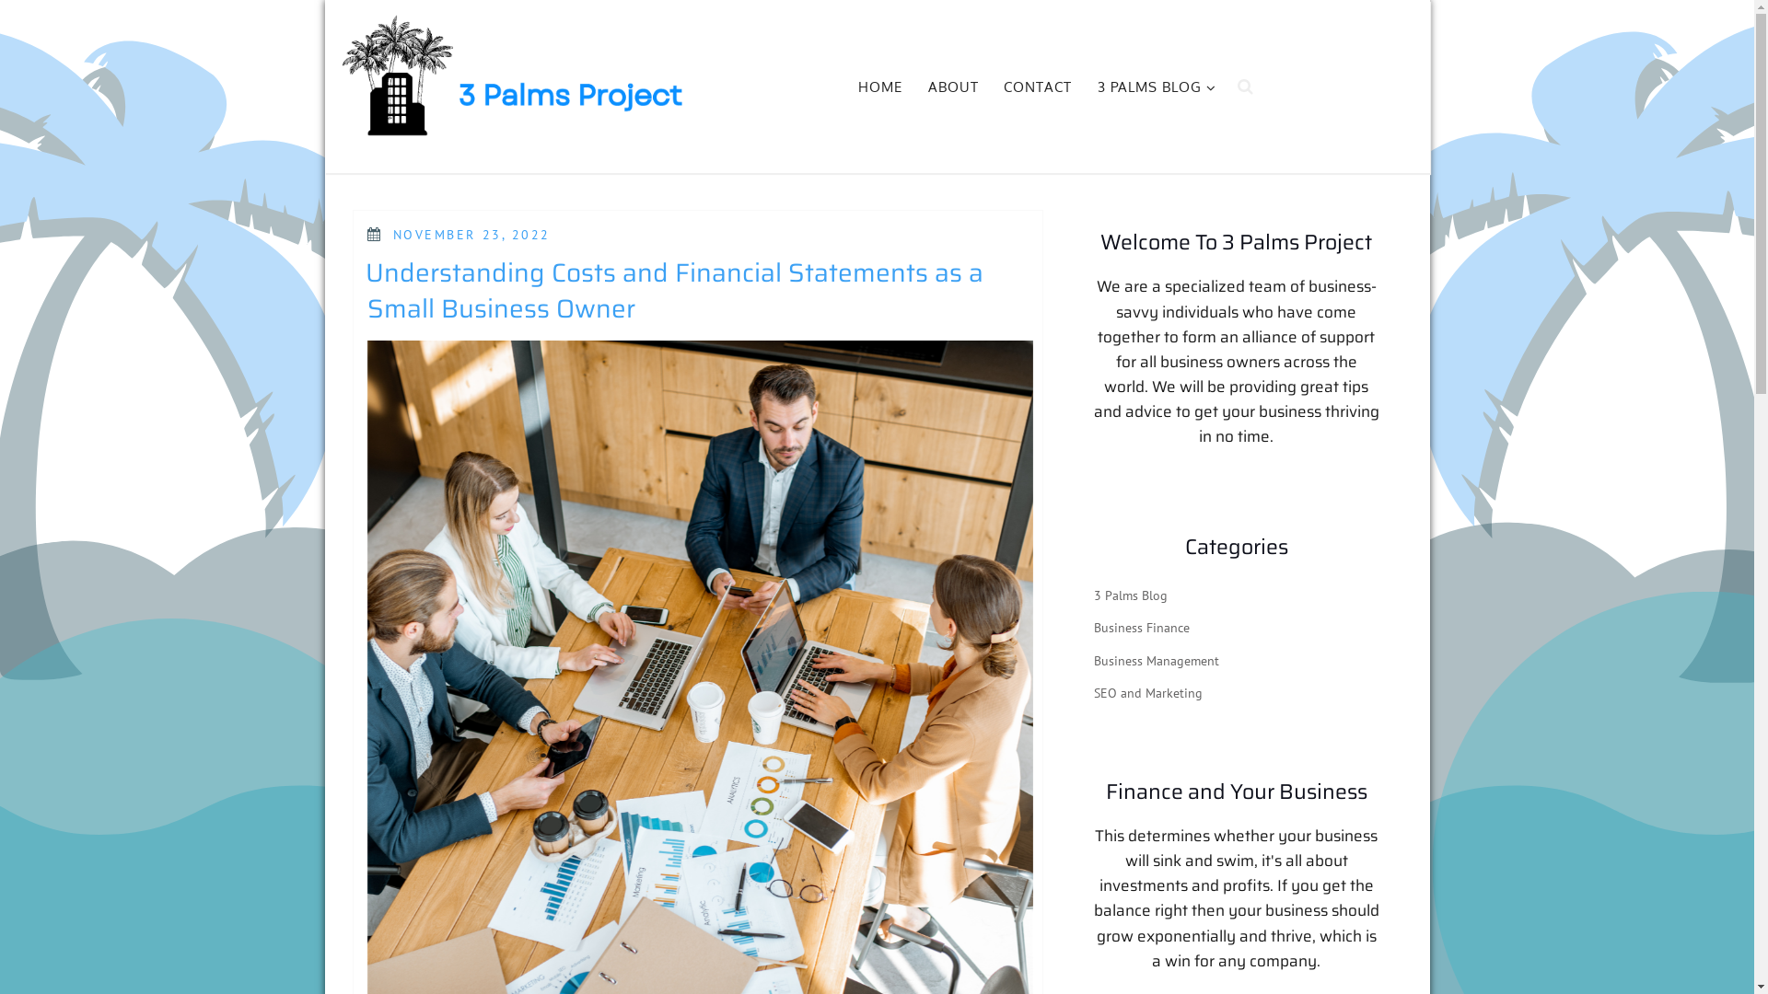 The image size is (1768, 994). Describe the element at coordinates (879, 87) in the screenshot. I see `'HOME'` at that location.